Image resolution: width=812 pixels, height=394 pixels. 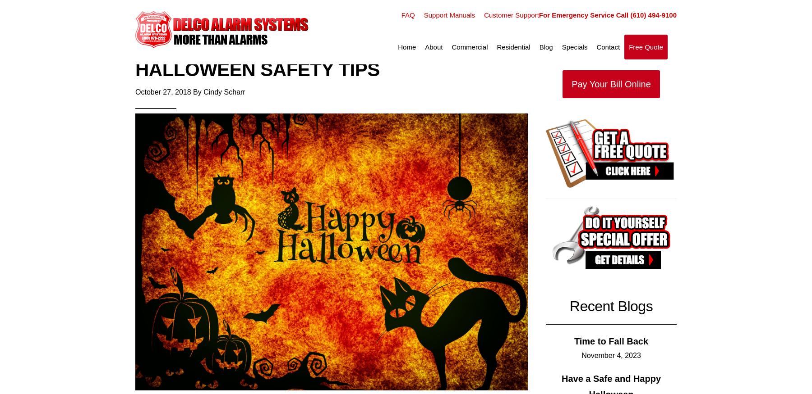 What do you see at coordinates (406, 47) in the screenshot?
I see `'Home'` at bounding box center [406, 47].